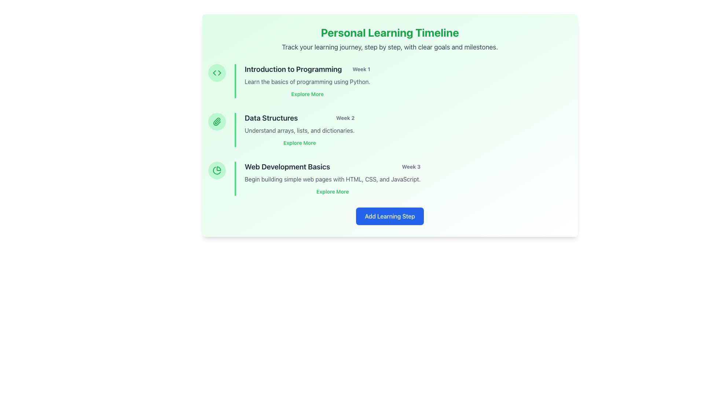 This screenshot has width=704, height=396. I want to click on the Decorative Icon that represents the 'Data Structures' section in the timeline interface, located to the left of the 'Data Structures' heading, so click(216, 121).